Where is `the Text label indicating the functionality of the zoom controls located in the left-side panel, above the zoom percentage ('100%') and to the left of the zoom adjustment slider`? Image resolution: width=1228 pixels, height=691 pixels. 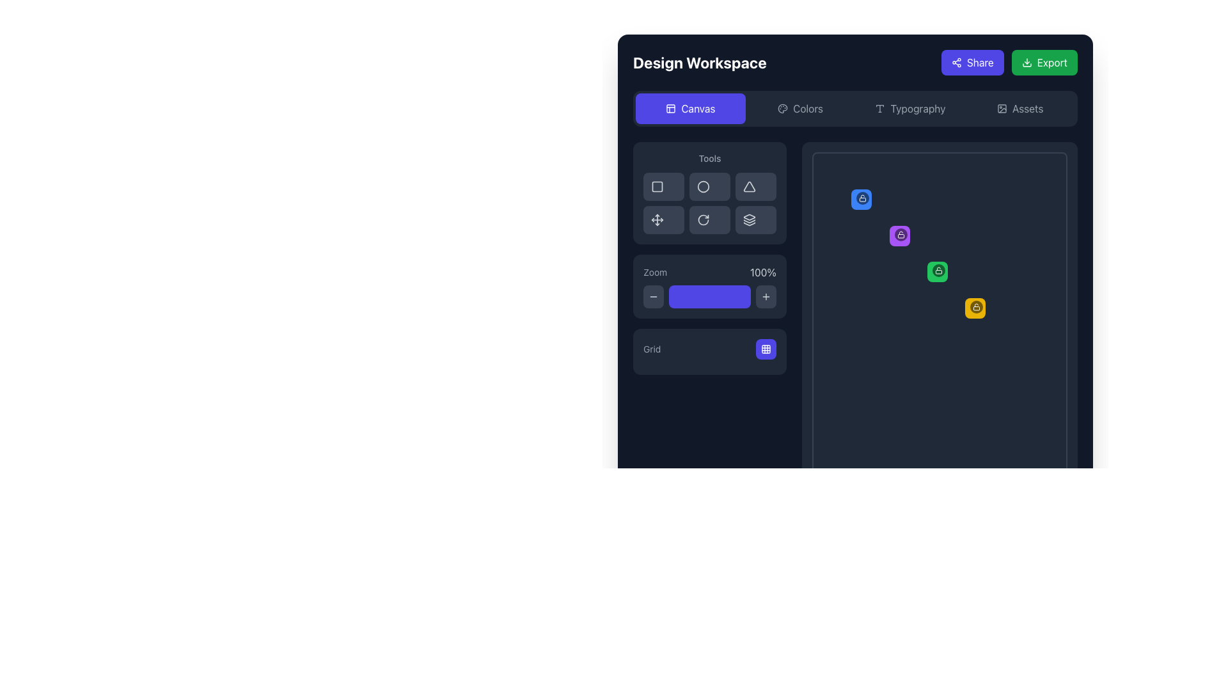
the Text label indicating the functionality of the zoom controls located in the left-side panel, above the zoom percentage ('100%') and to the left of the zoom adjustment slider is located at coordinates (655, 271).